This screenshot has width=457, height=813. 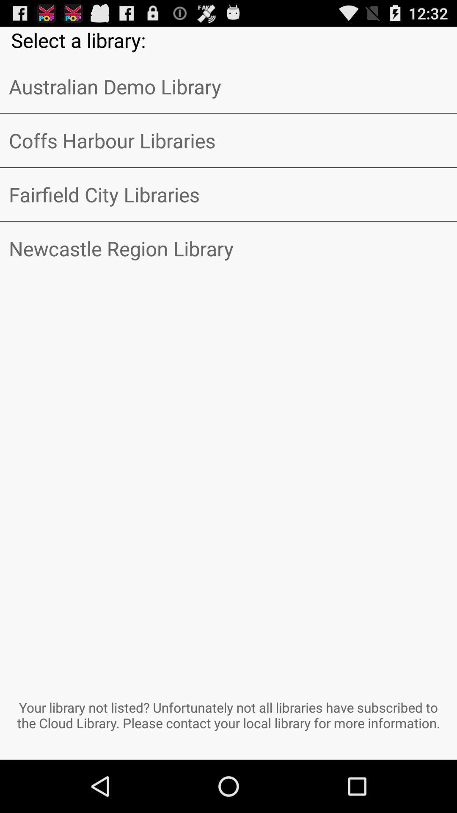 I want to click on the item above the newcastle region library icon, so click(x=228, y=194).